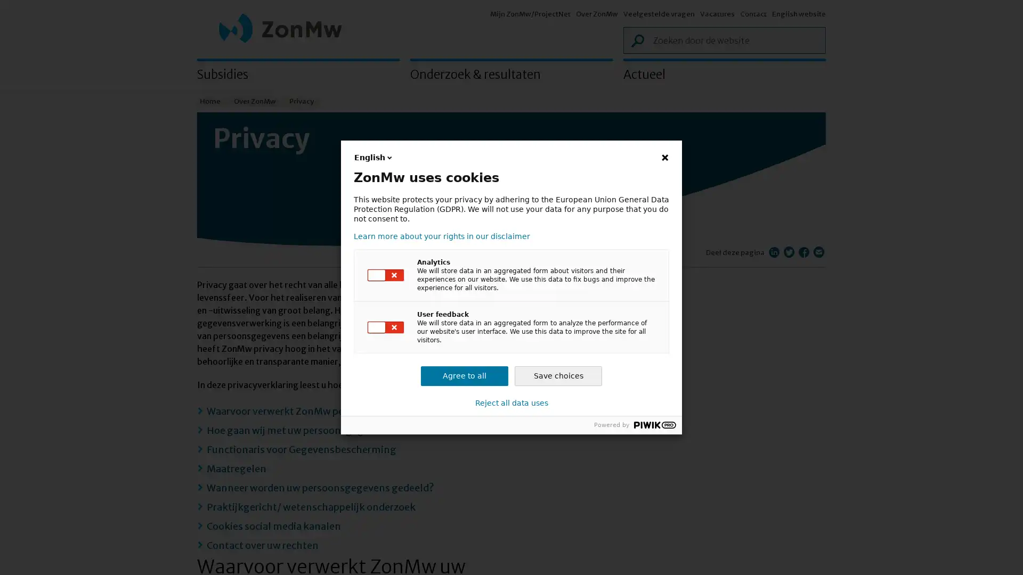 Image resolution: width=1023 pixels, height=575 pixels. What do you see at coordinates (557, 375) in the screenshot?
I see `Save choices` at bounding box center [557, 375].